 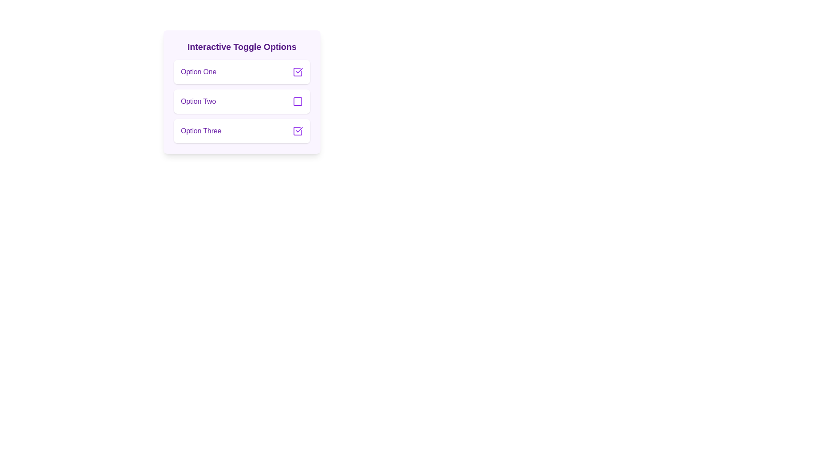 I want to click on the square checkbox icon with a purple outline and a checkmark within it, which is located next to the text labeled 'Option One', so click(x=298, y=71).